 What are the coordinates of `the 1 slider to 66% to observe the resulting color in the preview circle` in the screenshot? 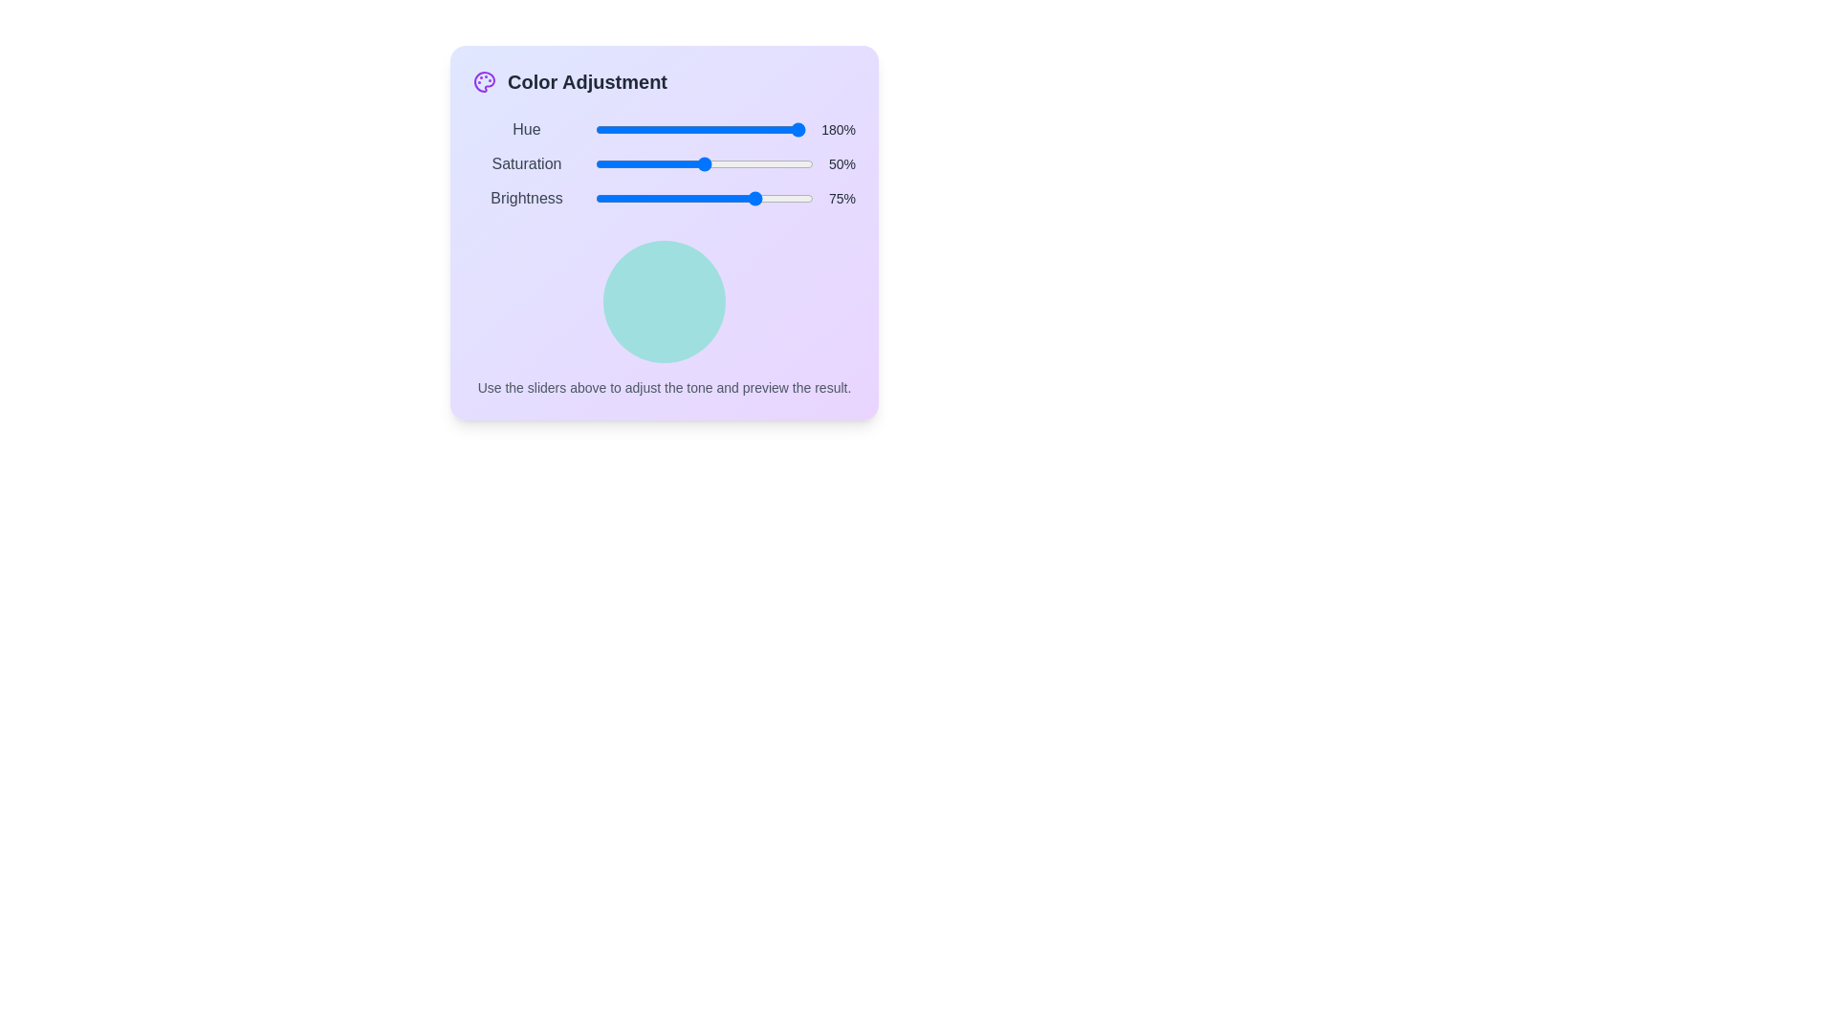 It's located at (733, 163).